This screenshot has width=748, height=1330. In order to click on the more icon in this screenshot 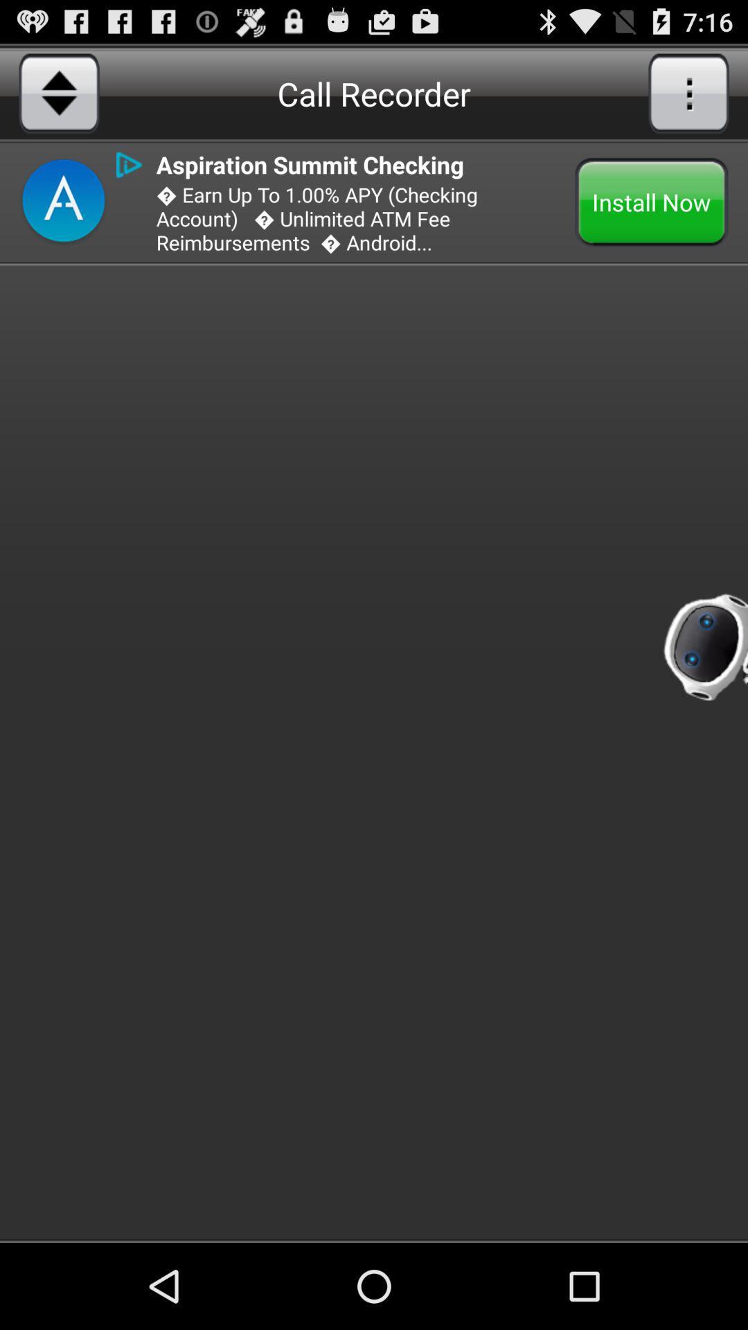, I will do `click(688, 99)`.